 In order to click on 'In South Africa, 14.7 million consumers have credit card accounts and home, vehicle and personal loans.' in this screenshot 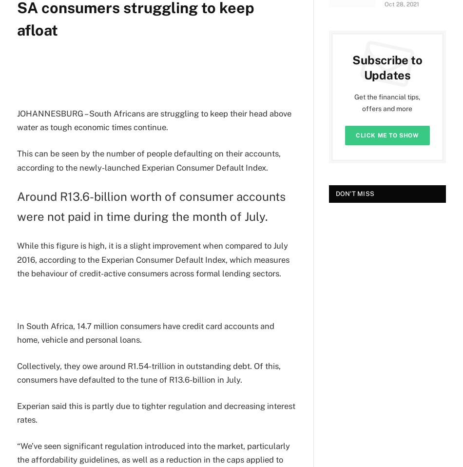, I will do `click(145, 332)`.